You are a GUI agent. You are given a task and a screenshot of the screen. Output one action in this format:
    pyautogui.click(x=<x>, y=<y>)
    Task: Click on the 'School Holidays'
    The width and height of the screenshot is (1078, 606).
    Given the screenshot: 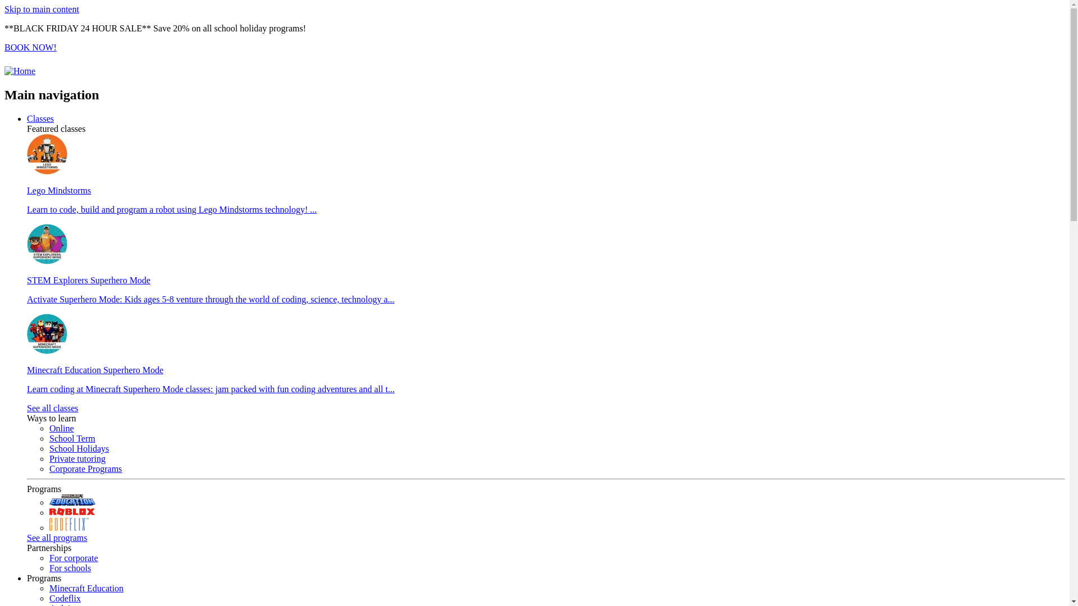 What is the action you would take?
    pyautogui.click(x=78, y=448)
    